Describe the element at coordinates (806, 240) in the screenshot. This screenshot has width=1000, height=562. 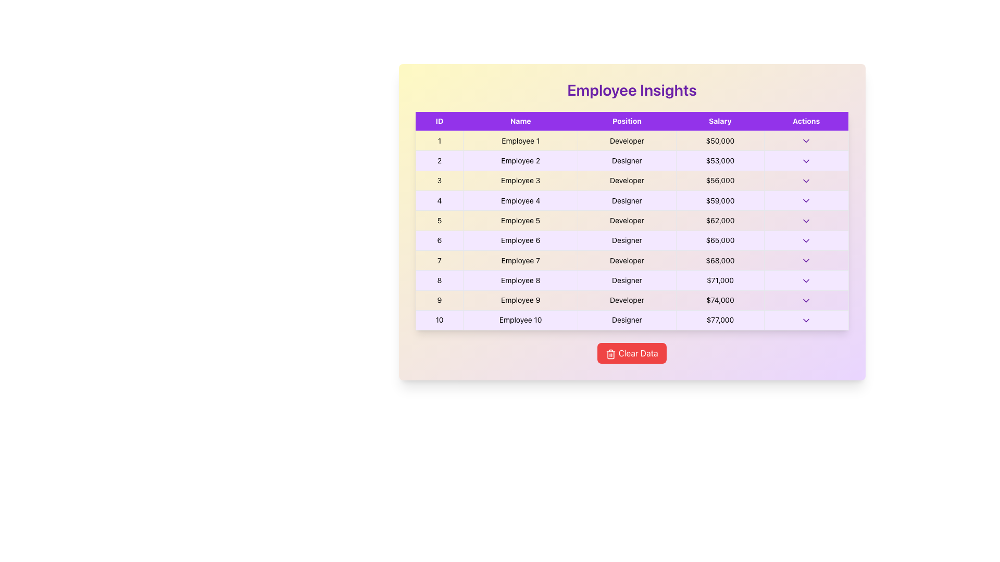
I see `the purple chevron-down icon in the 'Actions' column of the row for 'Employee 6', who is a 'Designer' with a salary of '$65,000'` at that location.